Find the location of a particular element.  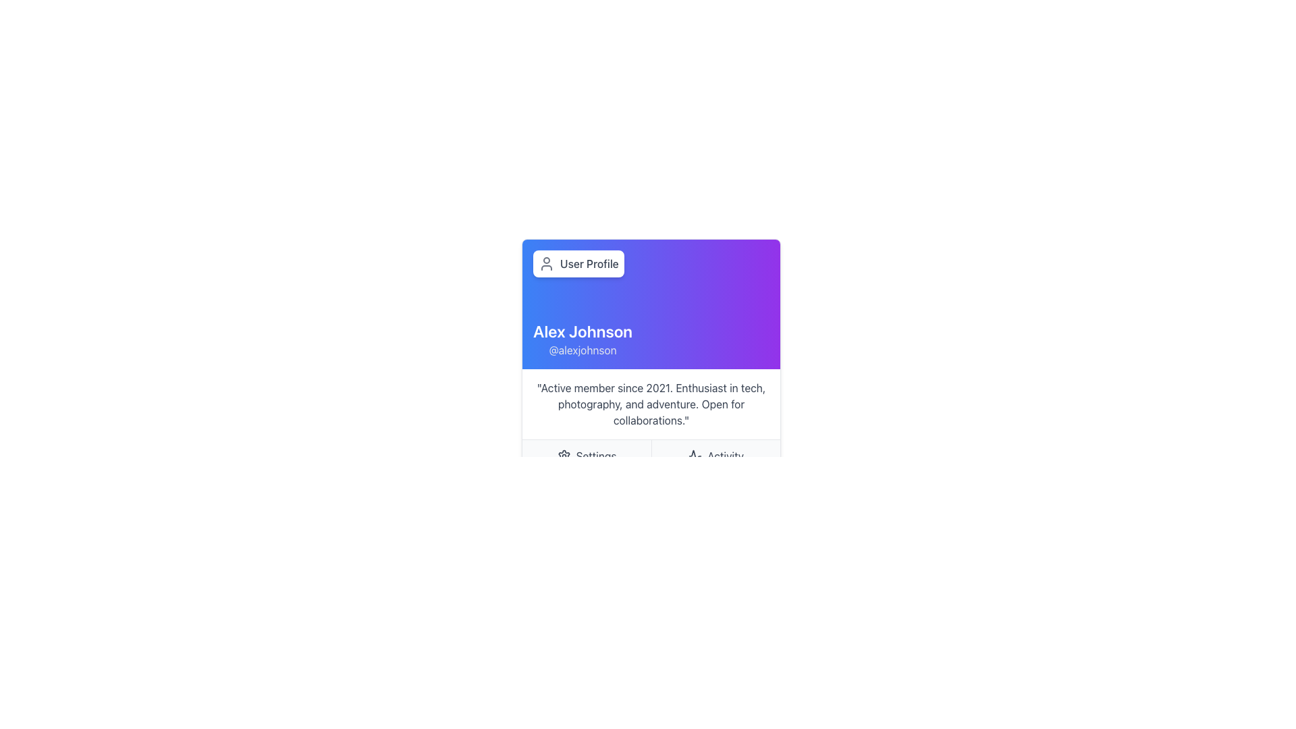

the Text Label displaying 'Alex Johnson', which serves as the main identifier for the user profile is located at coordinates (583, 331).